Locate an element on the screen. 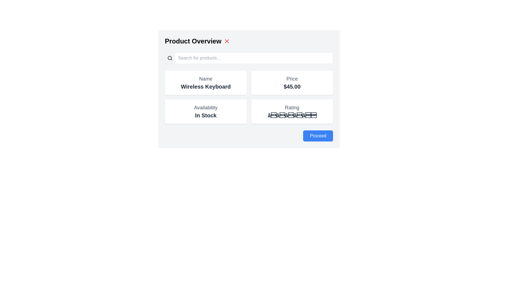  displayed rating from the 'Rating' element, which shows four filled stars and one outlined star, located in the bottom row under the 'Price' card is located at coordinates (292, 111).